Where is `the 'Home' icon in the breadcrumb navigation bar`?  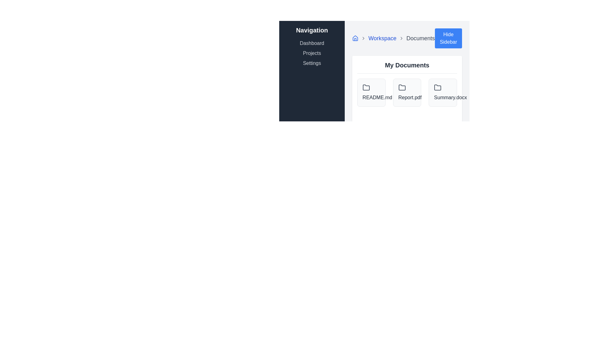 the 'Home' icon in the breadcrumb navigation bar is located at coordinates (355, 38).